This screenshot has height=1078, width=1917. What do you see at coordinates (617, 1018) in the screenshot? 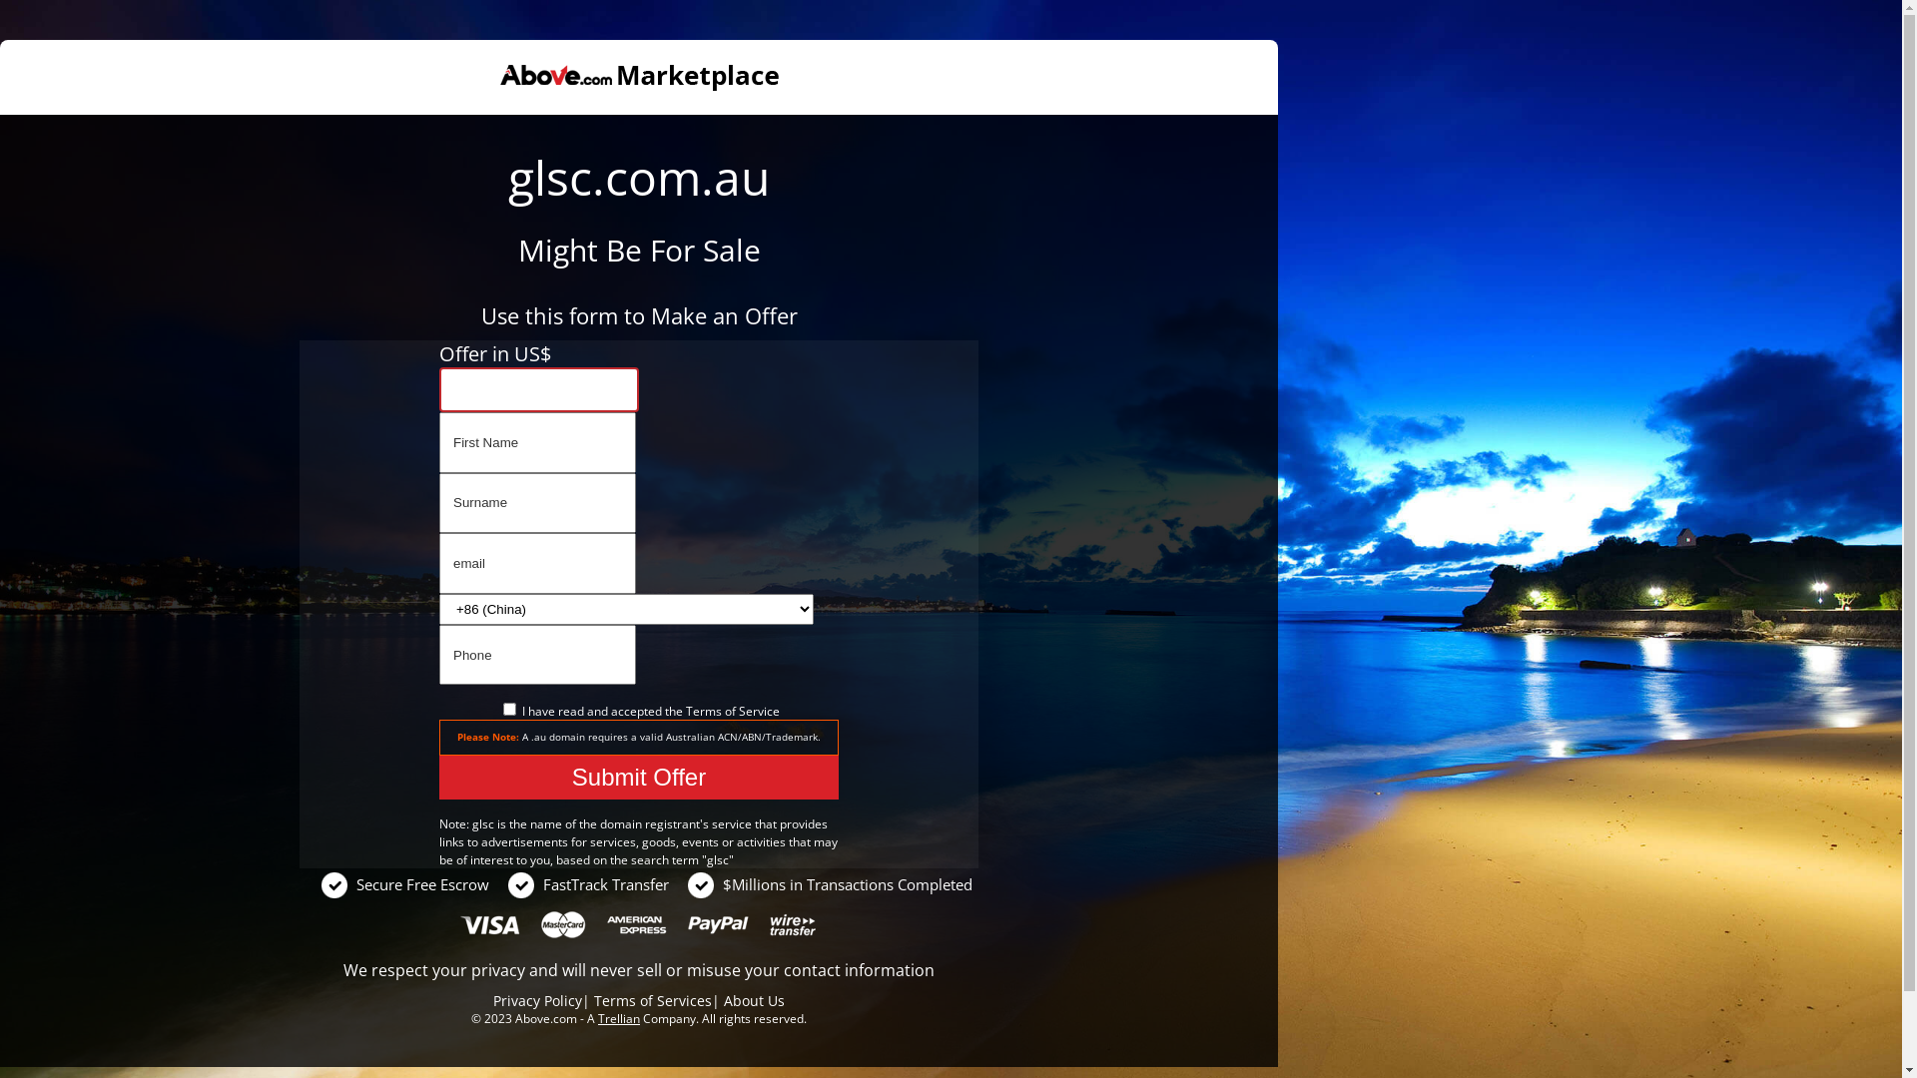
I see `'Trellian'` at bounding box center [617, 1018].